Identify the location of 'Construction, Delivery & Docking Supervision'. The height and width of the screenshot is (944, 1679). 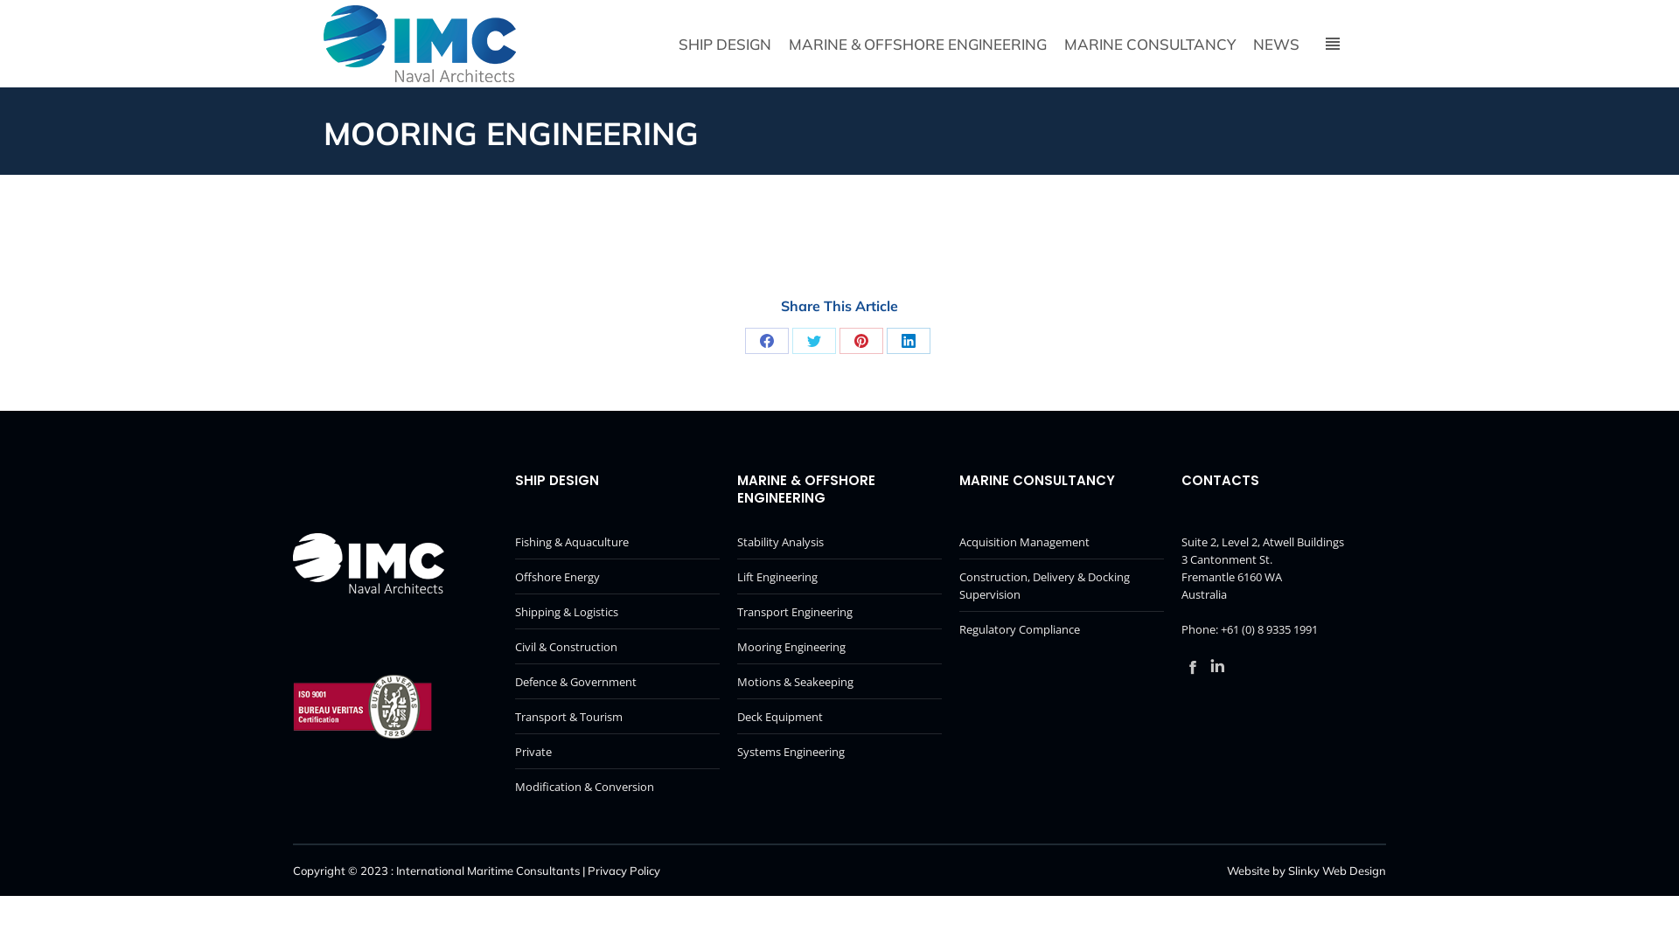
(1061, 586).